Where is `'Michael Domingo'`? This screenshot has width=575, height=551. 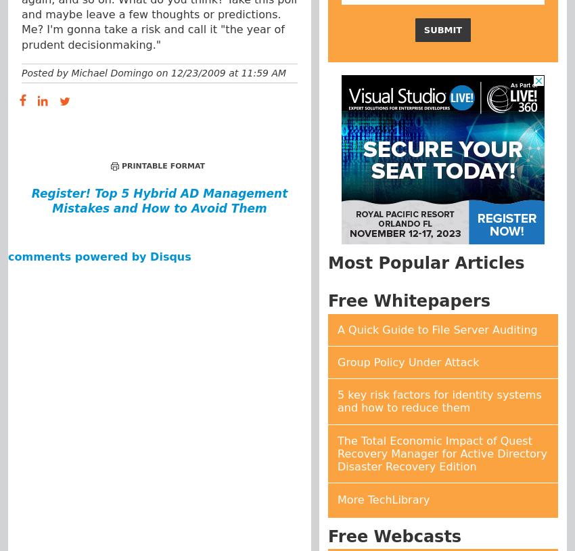
'Michael Domingo' is located at coordinates (112, 71).